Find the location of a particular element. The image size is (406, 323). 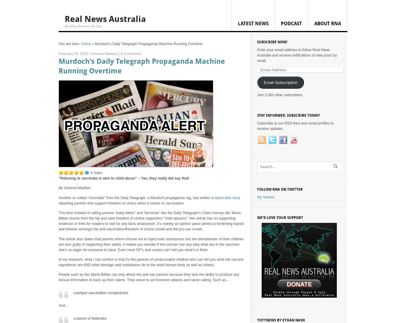

'Another so called “Journalist” from the Daily Telegraph, a Murdoch propaganda rag, has written a' is located at coordinates (136, 197).